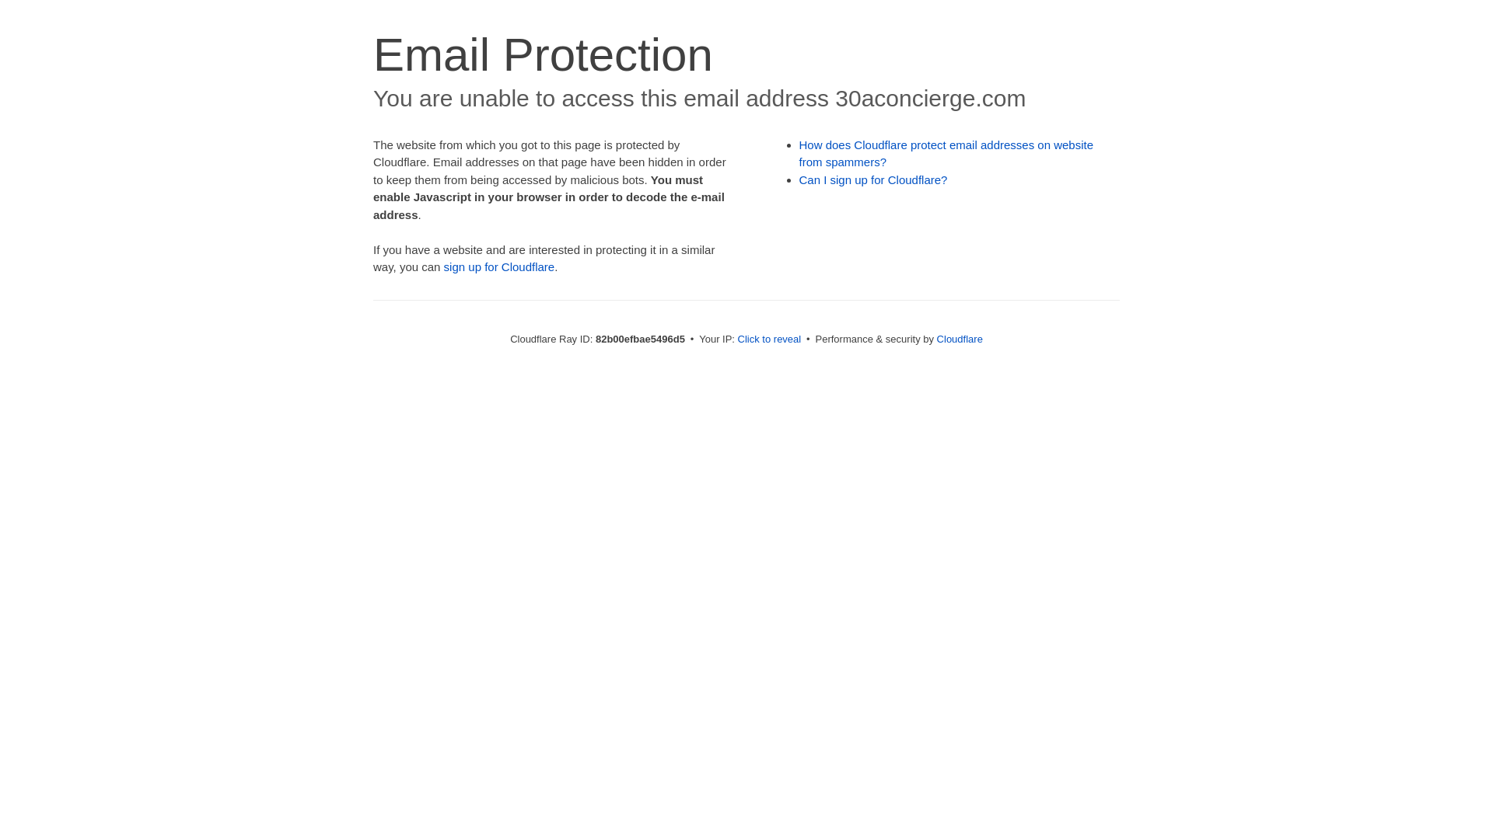  Describe the element at coordinates (959, 338) in the screenshot. I see `'Cloudflare'` at that location.